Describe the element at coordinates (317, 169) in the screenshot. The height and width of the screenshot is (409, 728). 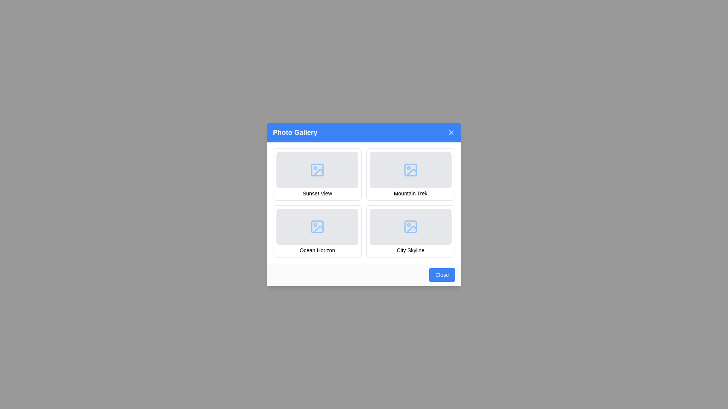
I see `the decorative border of the 'Sunset View' icon, which is centrally located within the photo icon in the top-left corner of the grid` at that location.